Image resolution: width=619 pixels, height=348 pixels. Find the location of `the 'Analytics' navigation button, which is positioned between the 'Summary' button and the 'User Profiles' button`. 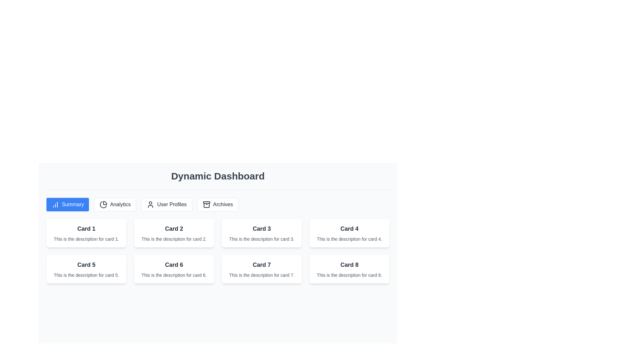

the 'Analytics' navigation button, which is positioned between the 'Summary' button and the 'User Profiles' button is located at coordinates (115, 205).